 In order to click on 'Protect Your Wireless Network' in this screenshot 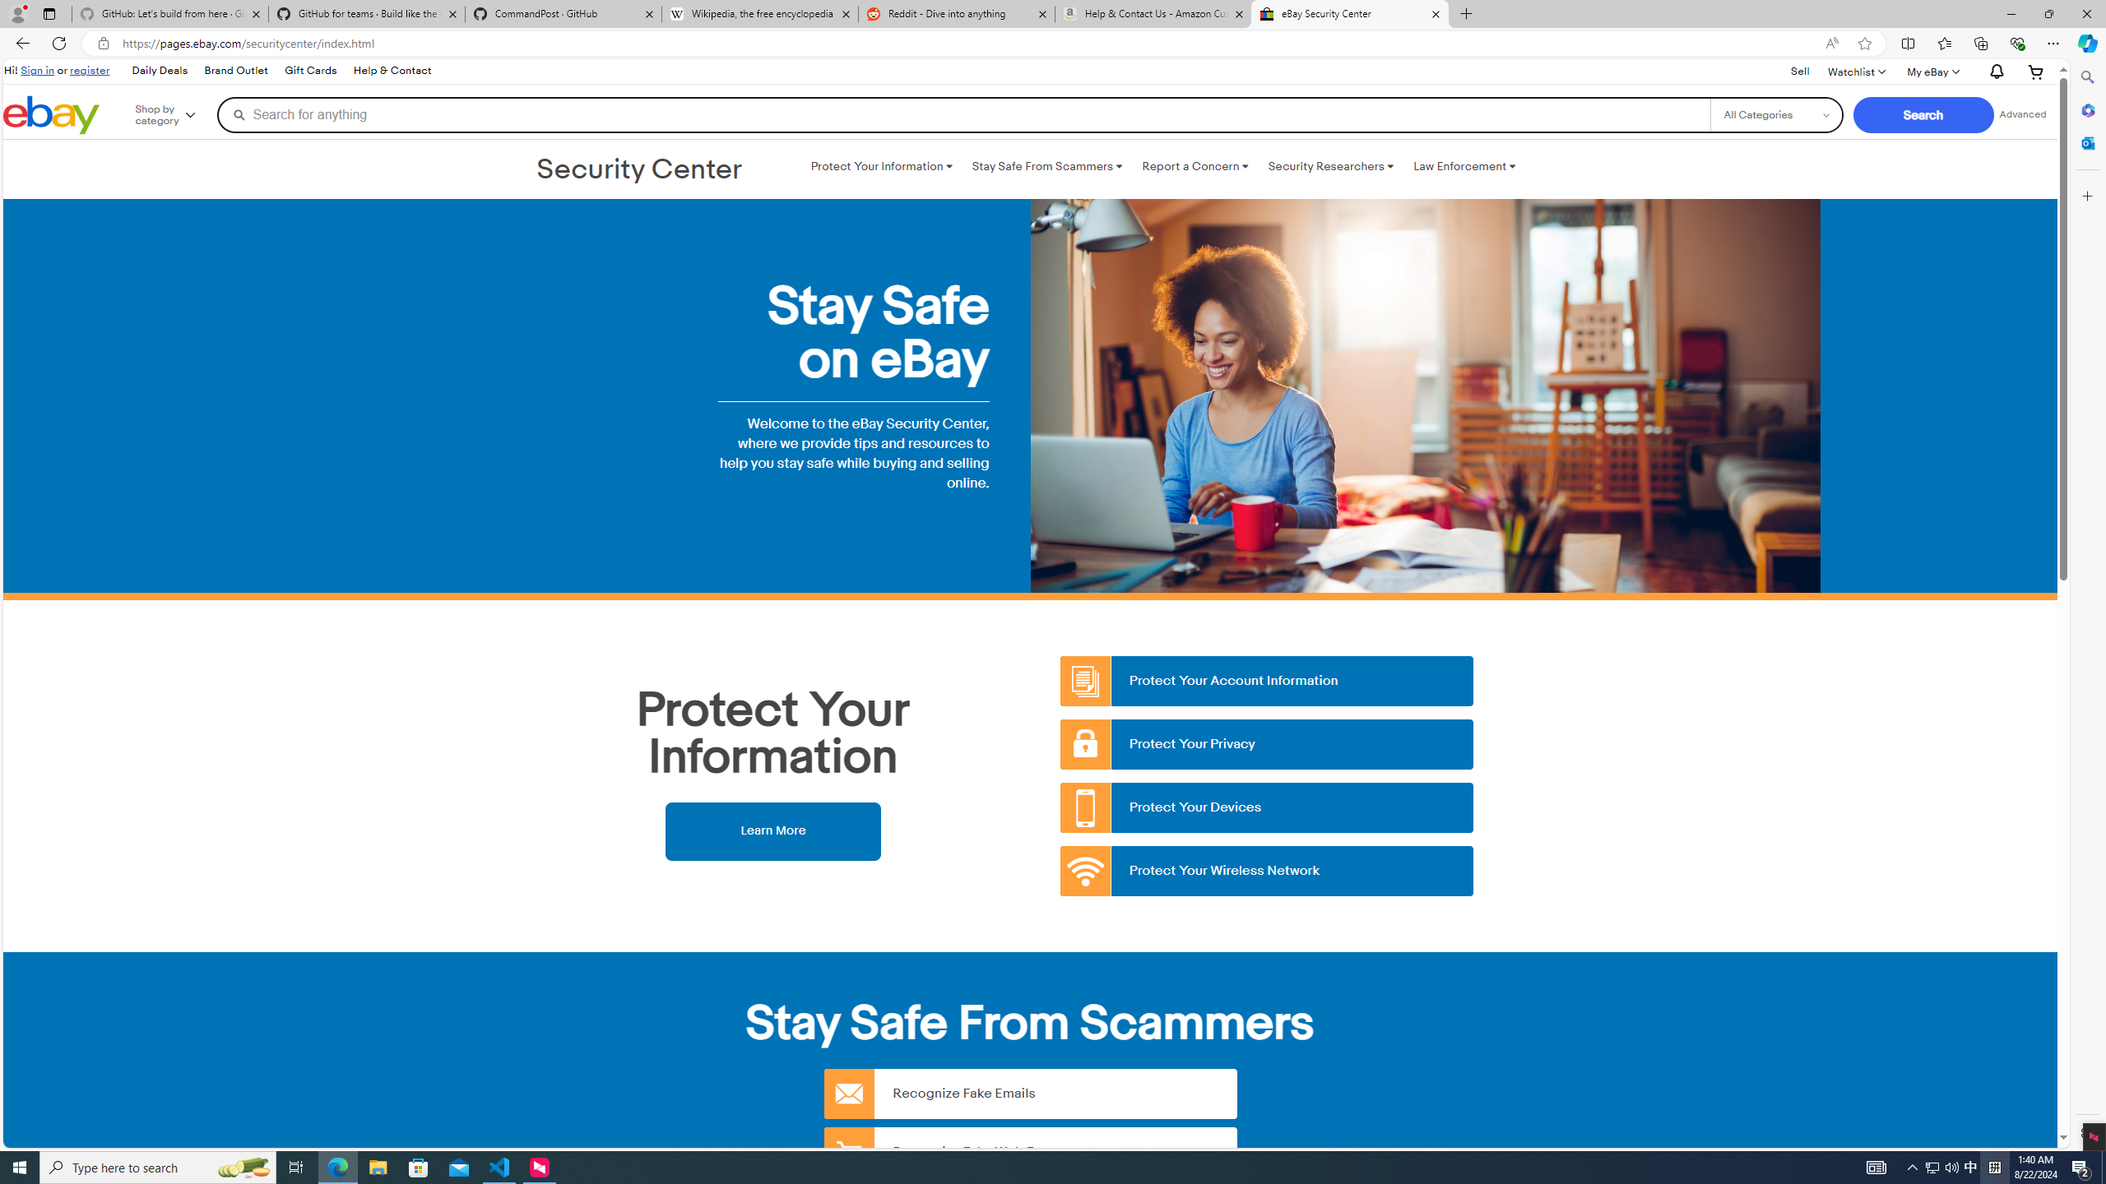, I will do `click(1267, 870)`.